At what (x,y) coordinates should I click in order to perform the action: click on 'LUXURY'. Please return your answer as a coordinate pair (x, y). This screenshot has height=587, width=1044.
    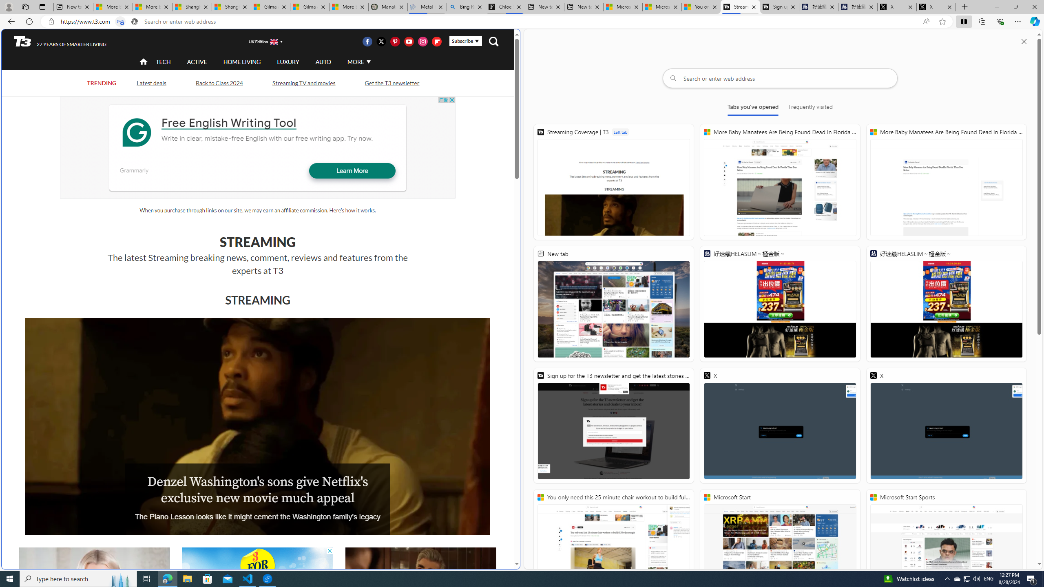
    Looking at the image, I should click on (288, 61).